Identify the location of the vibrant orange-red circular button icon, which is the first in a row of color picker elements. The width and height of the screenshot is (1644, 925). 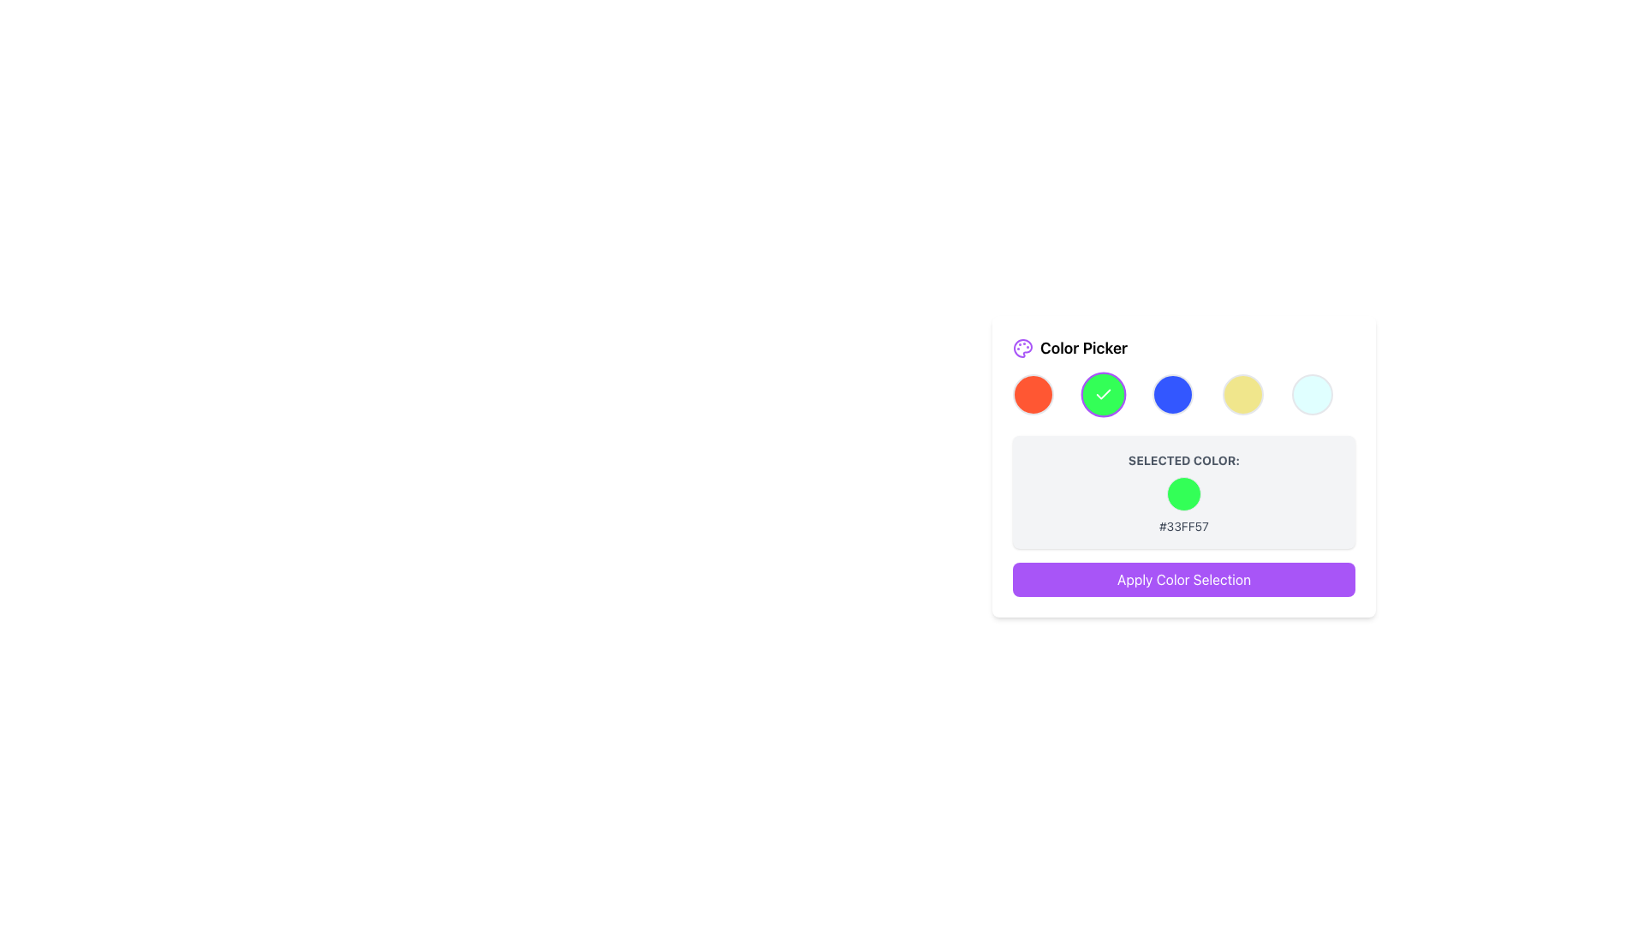
(1032, 395).